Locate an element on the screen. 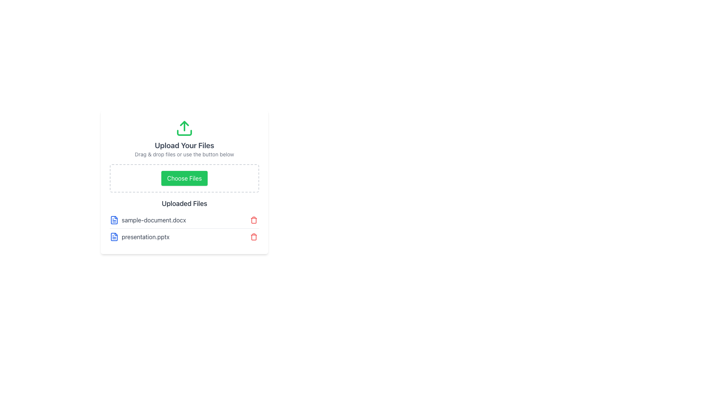  the button located in the 'Upload Your Files' section is located at coordinates (184, 178).